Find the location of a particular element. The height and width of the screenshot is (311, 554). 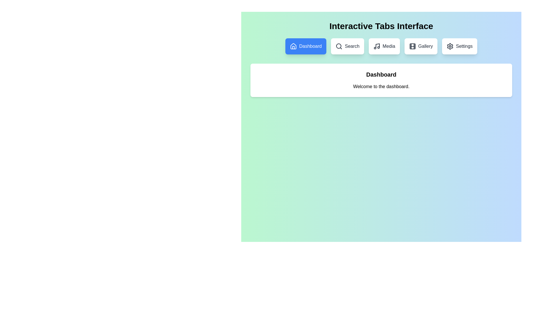

the compact filmstrip icon located within the 'Gallery' button, which is positioned fourth from the left in a row of buttons near the upper section of the interface is located at coordinates (412, 46).